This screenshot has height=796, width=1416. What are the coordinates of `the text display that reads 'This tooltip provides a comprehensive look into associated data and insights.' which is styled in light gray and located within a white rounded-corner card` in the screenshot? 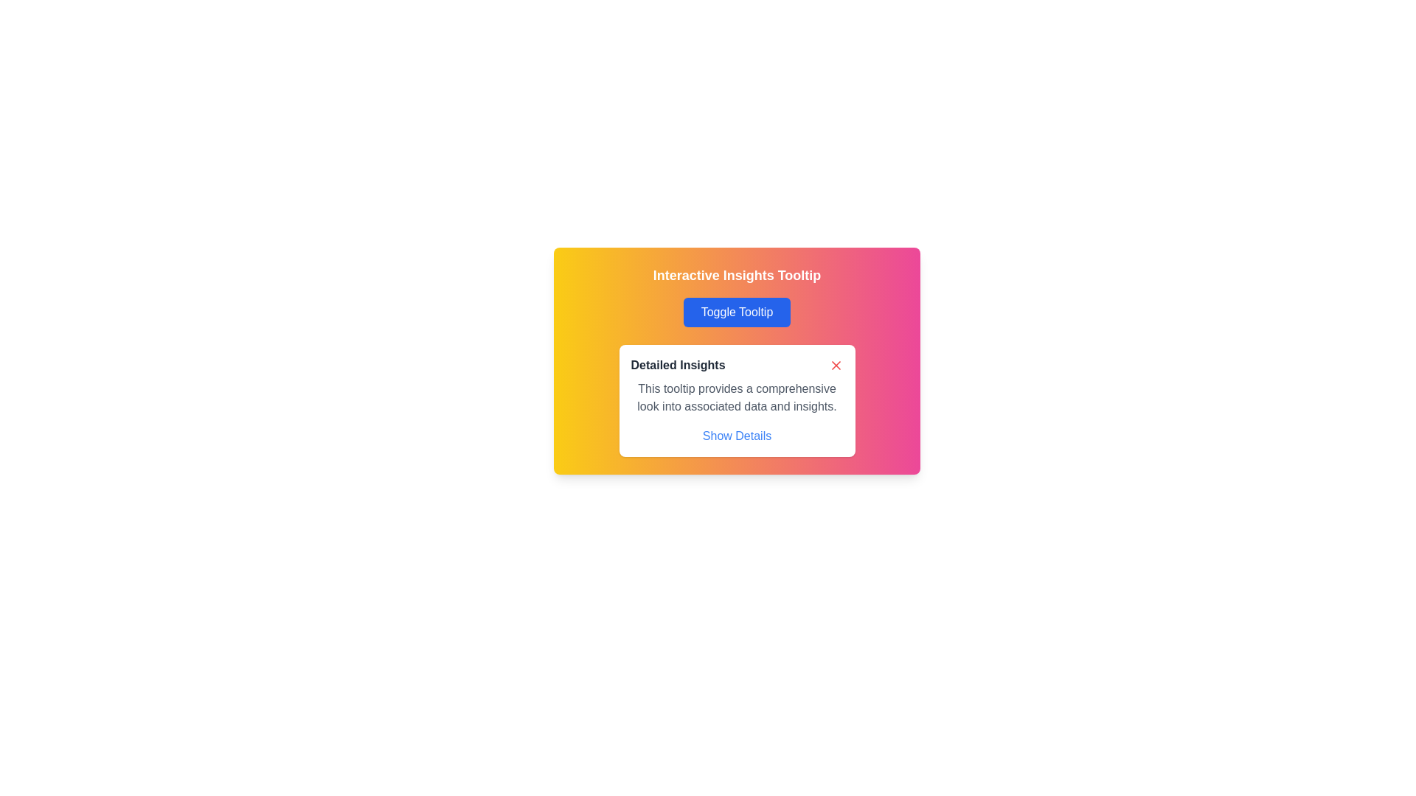 It's located at (737, 398).